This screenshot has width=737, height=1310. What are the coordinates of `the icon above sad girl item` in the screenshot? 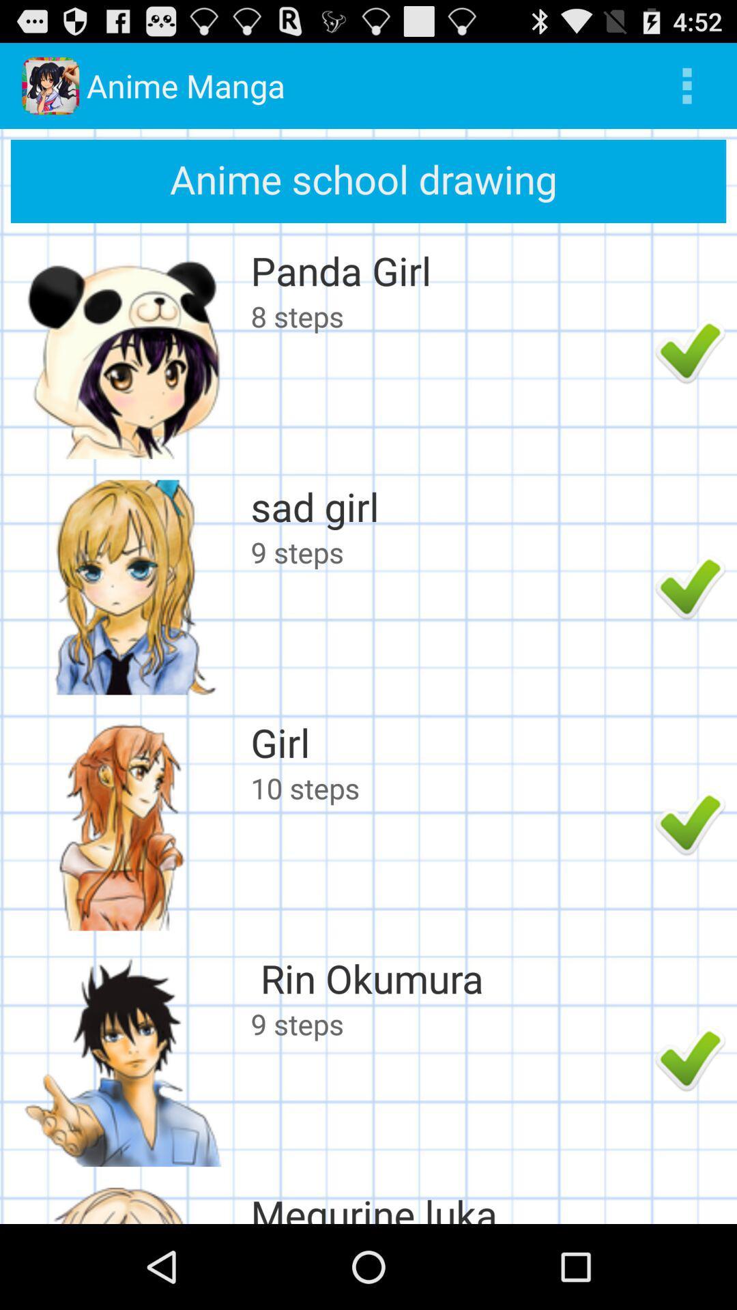 It's located at (449, 315).